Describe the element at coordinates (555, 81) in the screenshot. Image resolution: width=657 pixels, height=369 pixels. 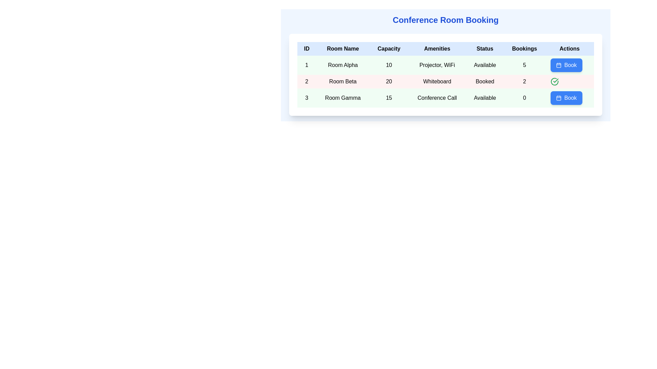
I see `the checkmark icon indicating a positive or completed status in the 'Actions' column of the second row in the booking table for 'Room Beta'` at that location.